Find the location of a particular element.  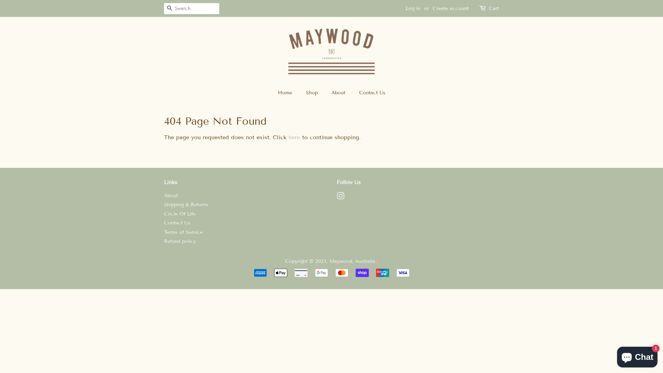

'Terms of Service' is located at coordinates (183, 232).